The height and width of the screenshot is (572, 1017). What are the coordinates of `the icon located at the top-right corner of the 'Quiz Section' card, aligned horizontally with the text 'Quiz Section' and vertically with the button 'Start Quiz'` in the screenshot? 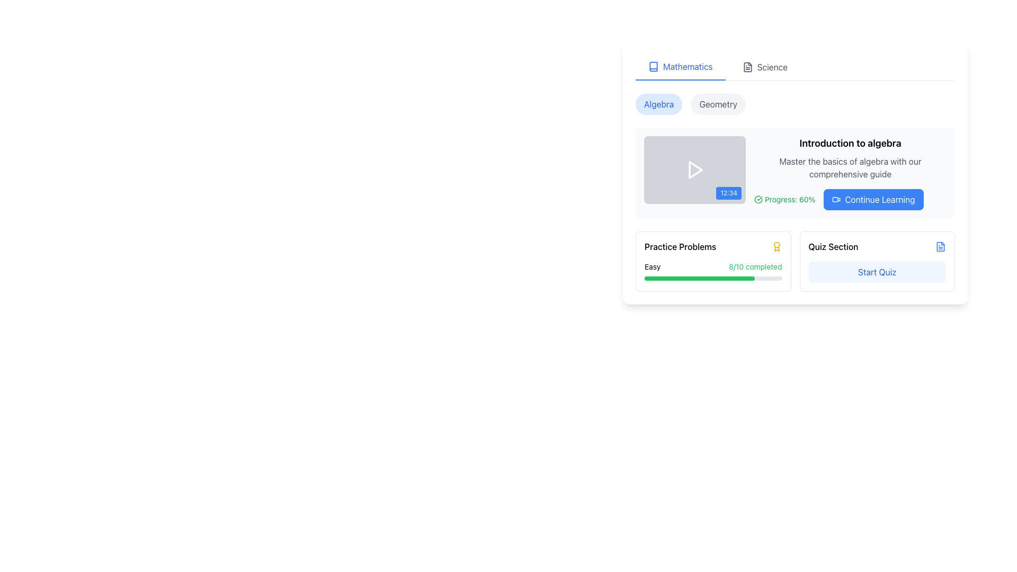 It's located at (941, 247).